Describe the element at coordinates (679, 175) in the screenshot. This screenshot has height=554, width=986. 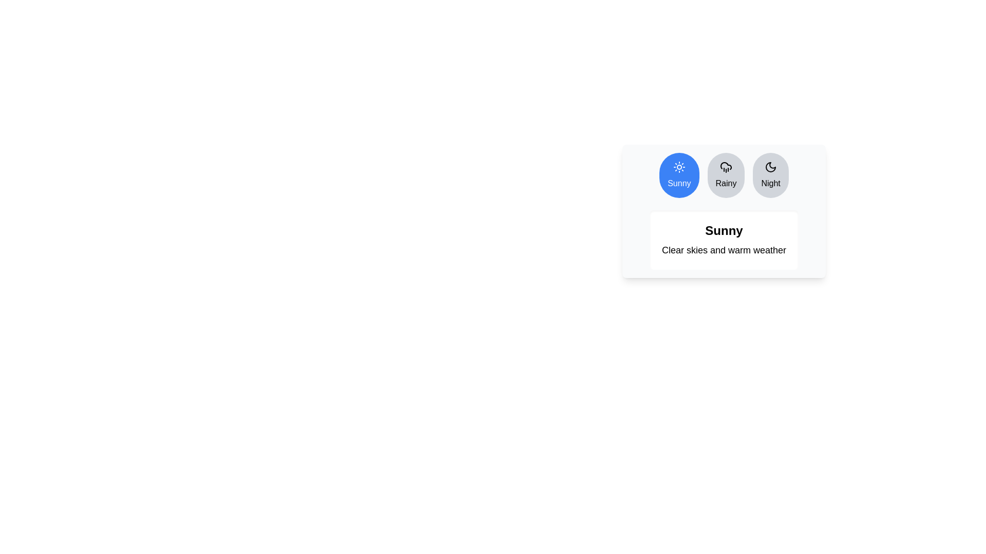
I see `the tab labeled Sunny to switch to it` at that location.